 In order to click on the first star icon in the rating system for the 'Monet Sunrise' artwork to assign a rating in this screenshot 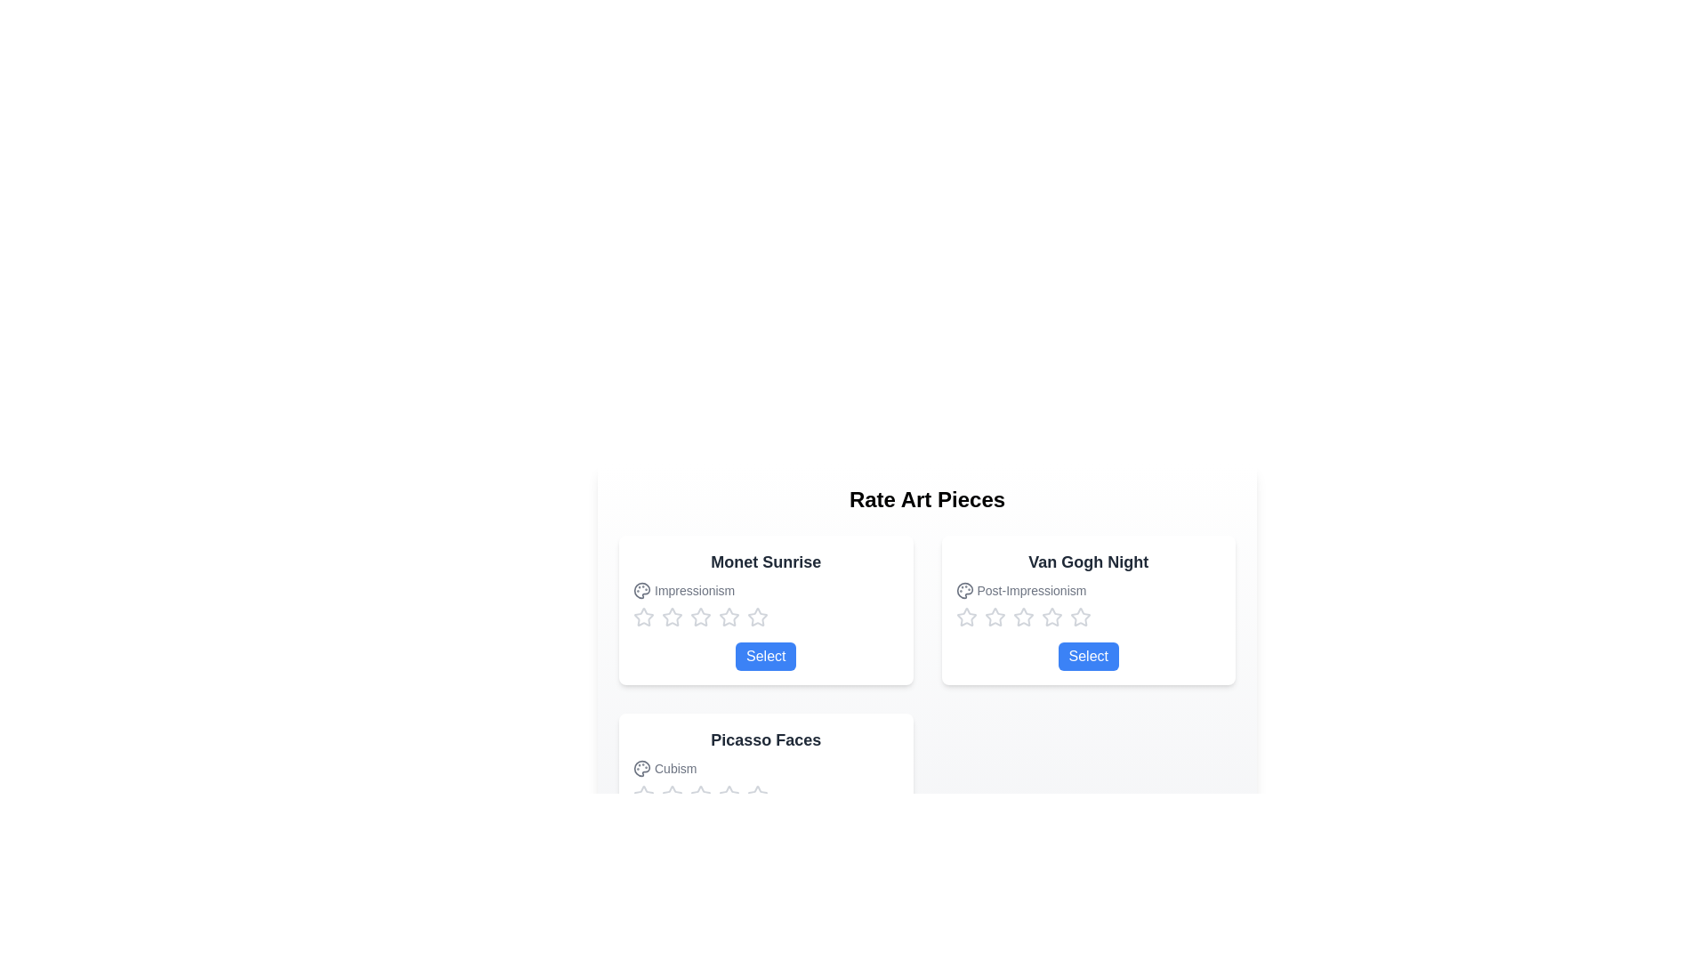, I will do `click(643, 616)`.